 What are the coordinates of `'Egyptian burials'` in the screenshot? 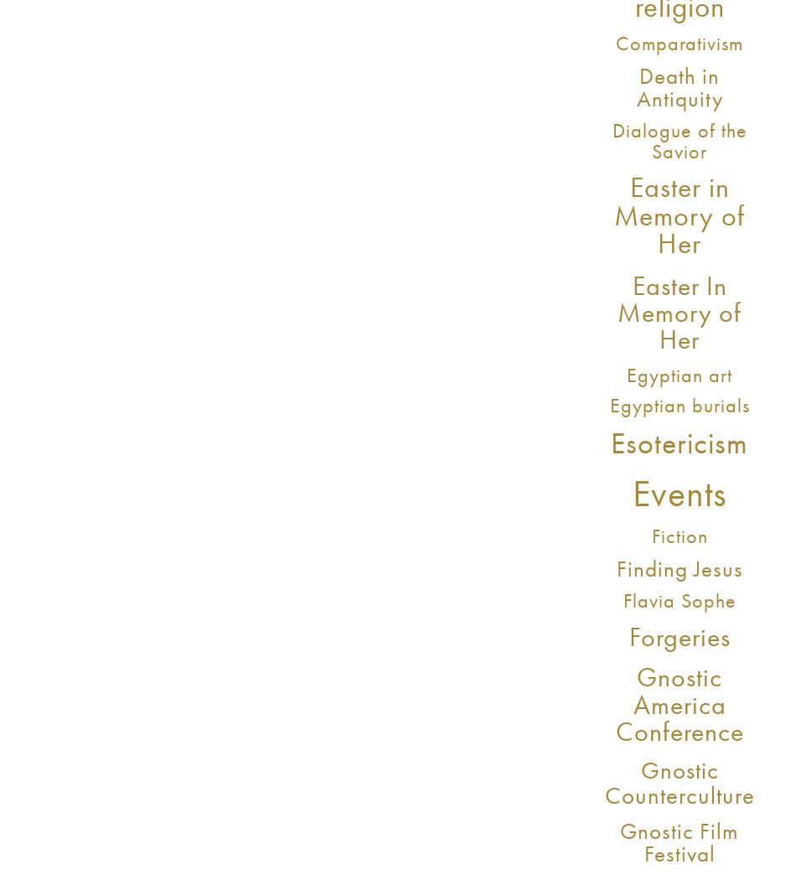 It's located at (678, 404).